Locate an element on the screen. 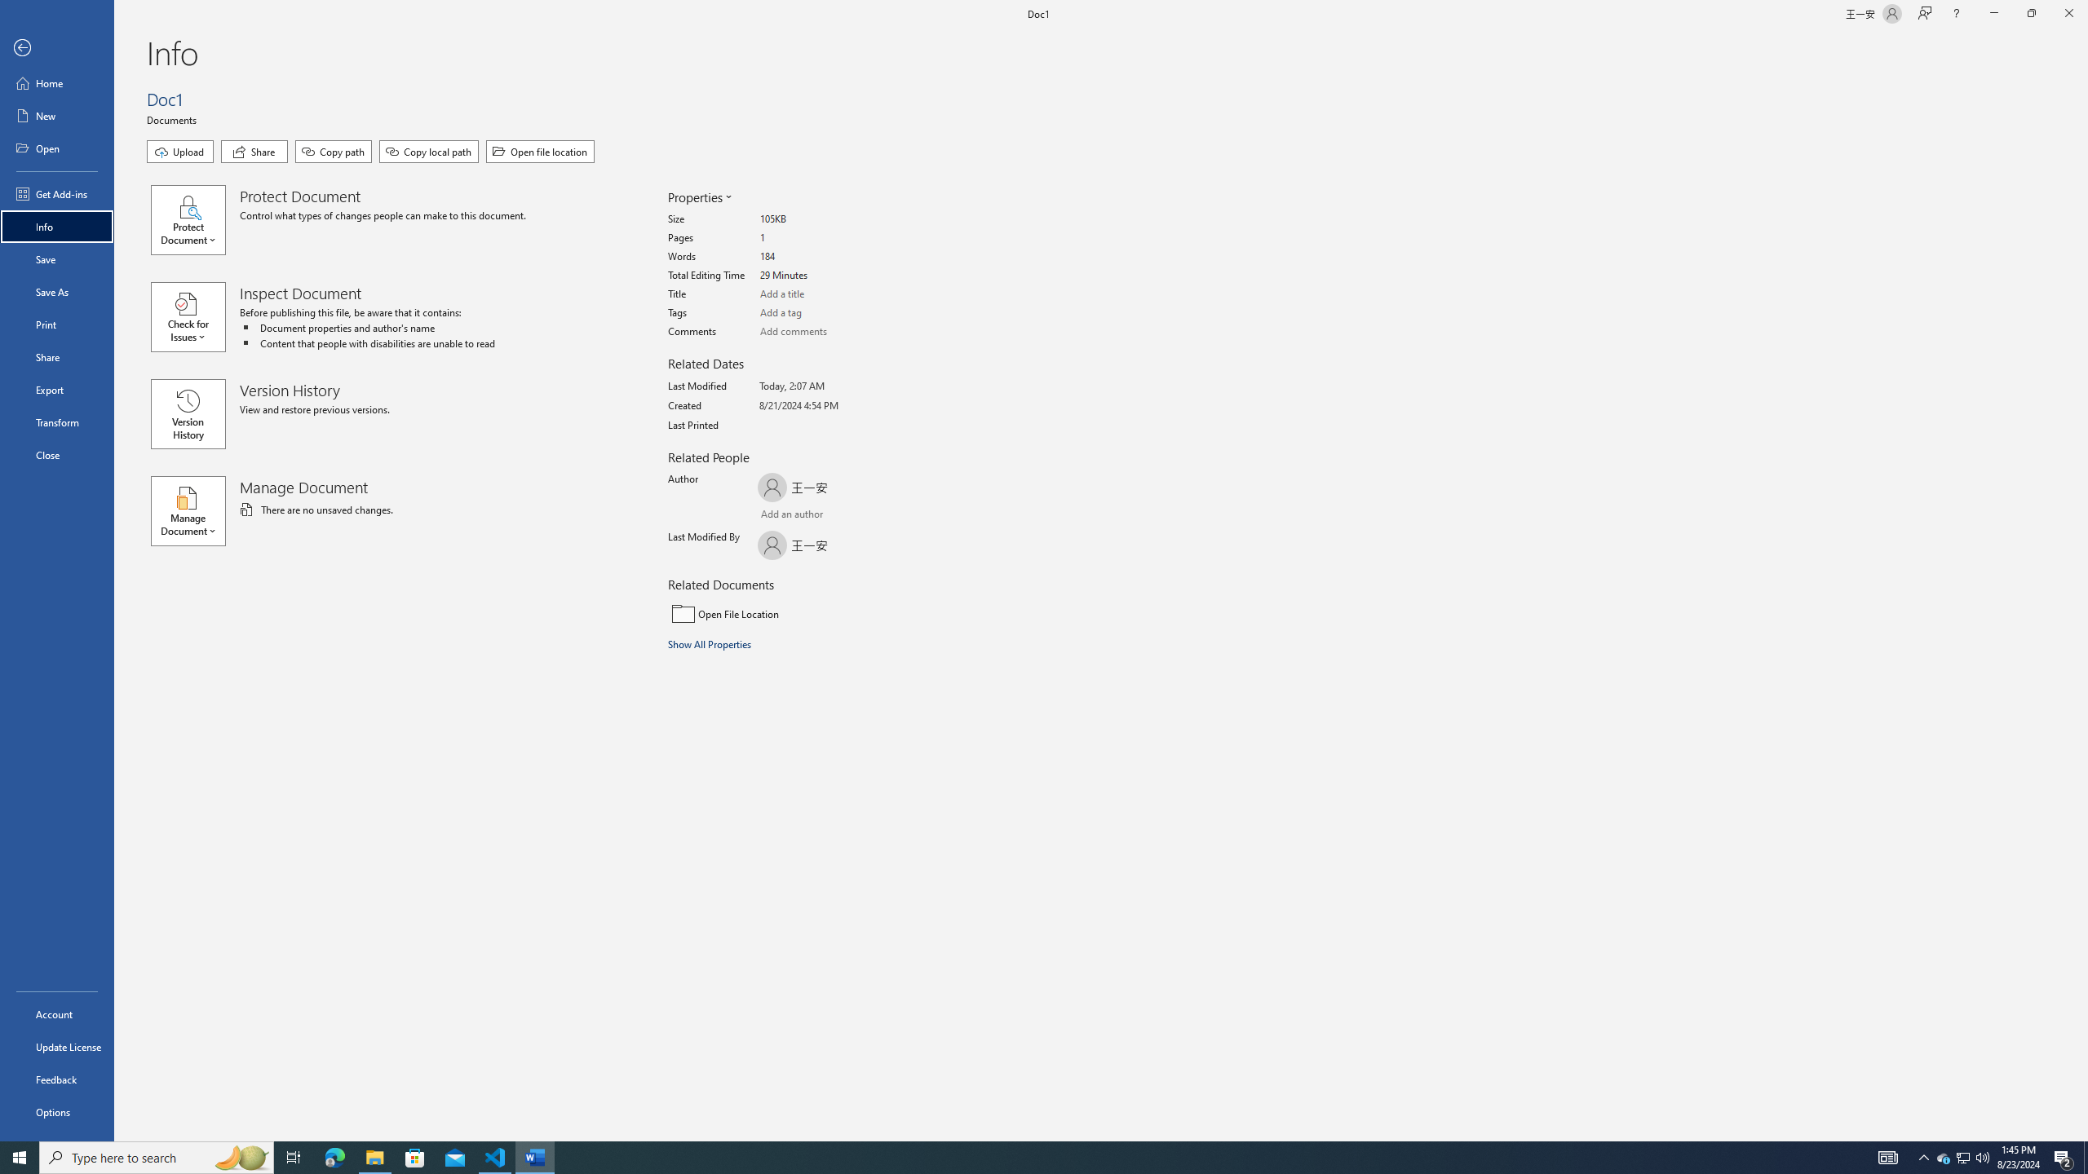 The image size is (2088, 1174). 'Tags' is located at coordinates (821, 312).